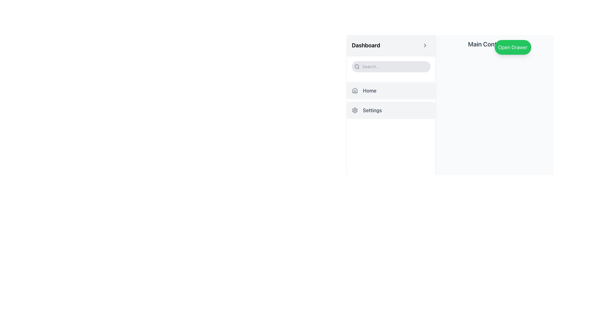 This screenshot has height=332, width=591. Describe the element at coordinates (357, 66) in the screenshot. I see `the main body of the magnifying glass icon, which is represented as a circle in SVG and is located at the top of the side navigation bar, to the left of the 'Search...' input field` at that location.